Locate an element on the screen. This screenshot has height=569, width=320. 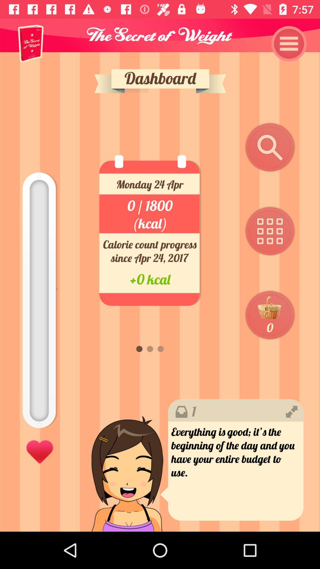
icon above 1 item is located at coordinates (270, 315).